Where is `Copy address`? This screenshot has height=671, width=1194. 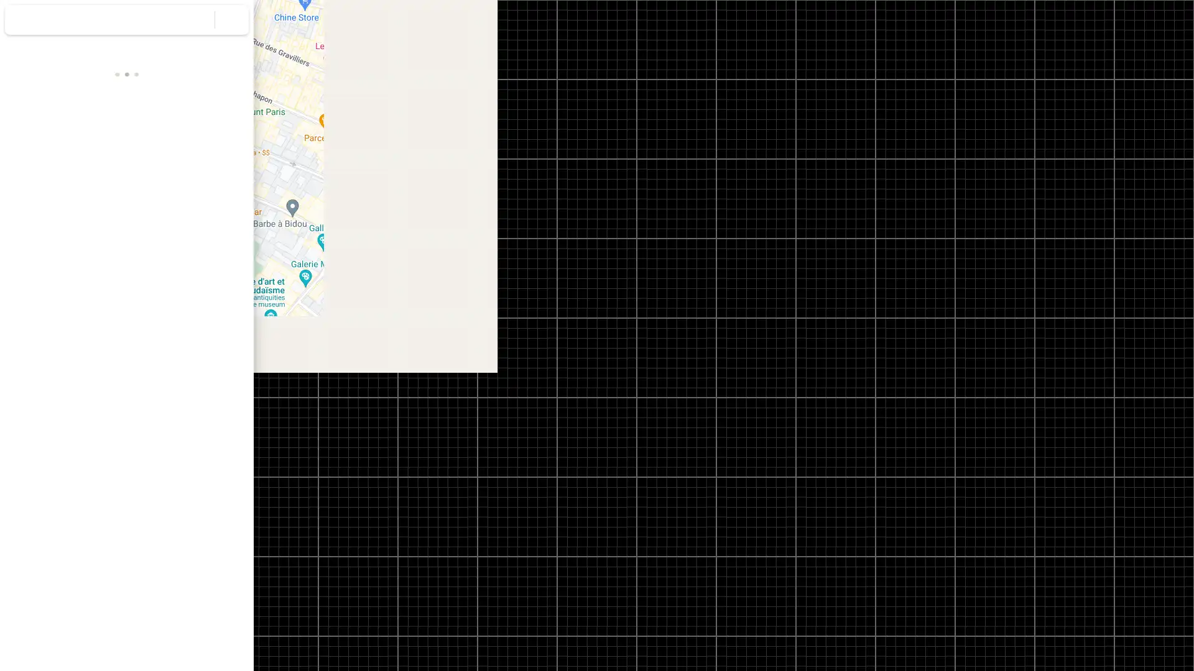
Copy address is located at coordinates (230, 272).